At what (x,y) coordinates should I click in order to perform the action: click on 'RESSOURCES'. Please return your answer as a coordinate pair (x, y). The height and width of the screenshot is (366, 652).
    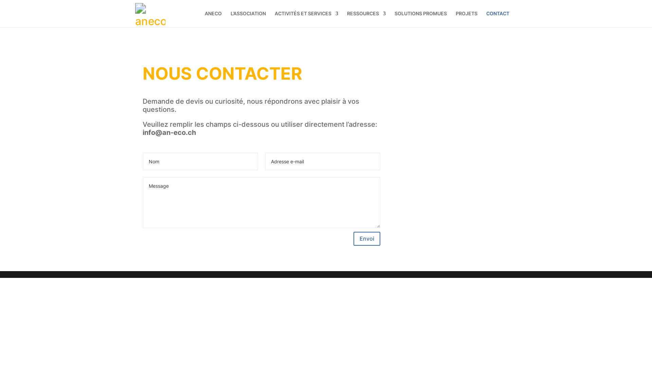
    Looking at the image, I should click on (366, 19).